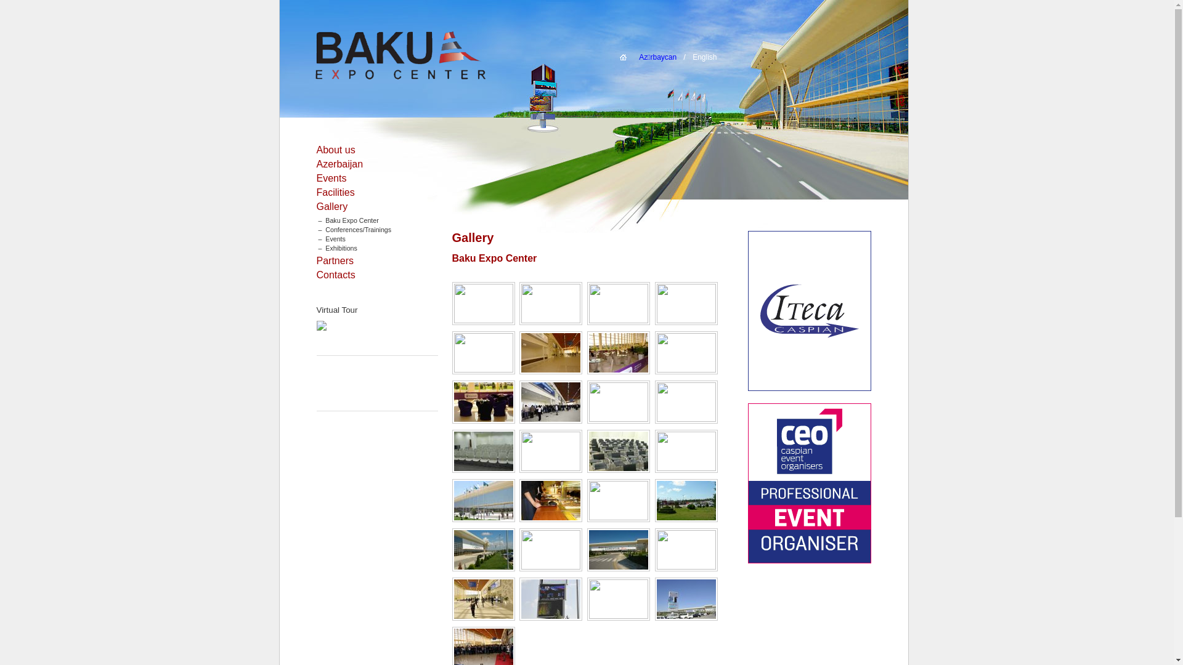  Describe the element at coordinates (336, 149) in the screenshot. I see `'About us'` at that location.